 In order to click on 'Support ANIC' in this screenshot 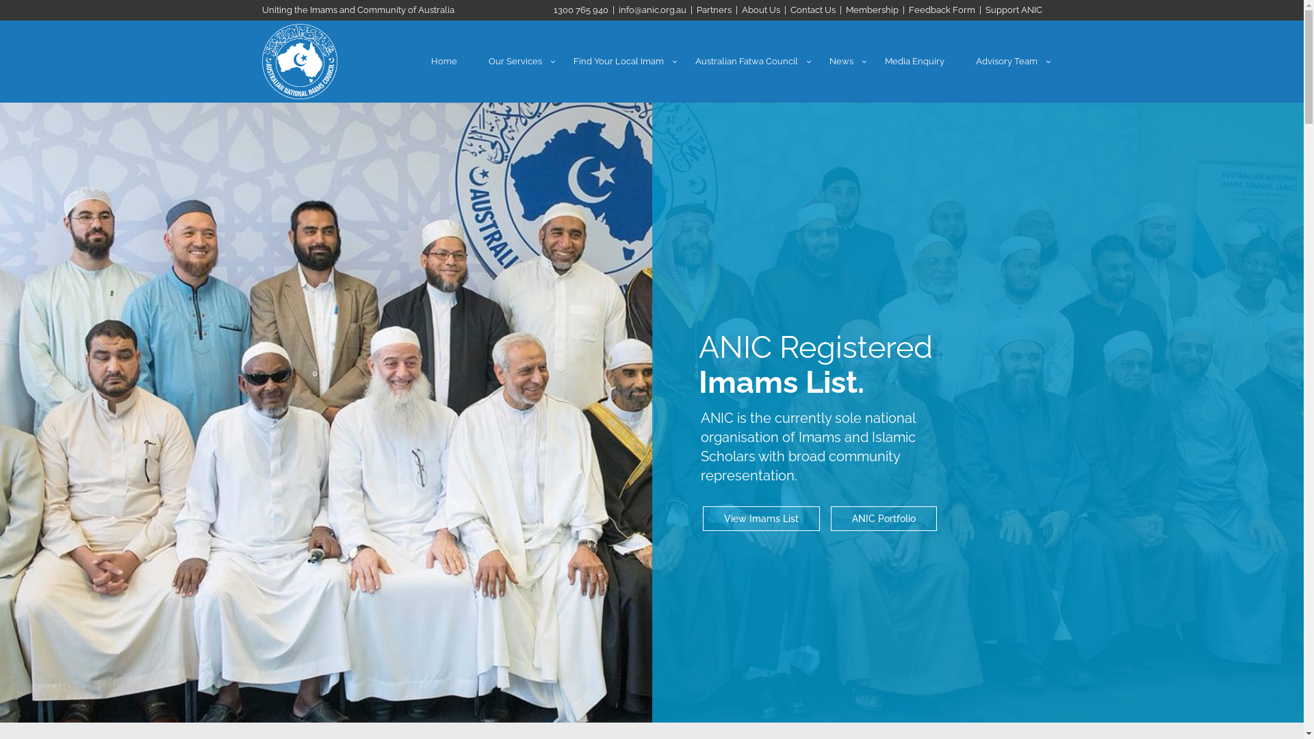, I will do `click(1014, 10)`.